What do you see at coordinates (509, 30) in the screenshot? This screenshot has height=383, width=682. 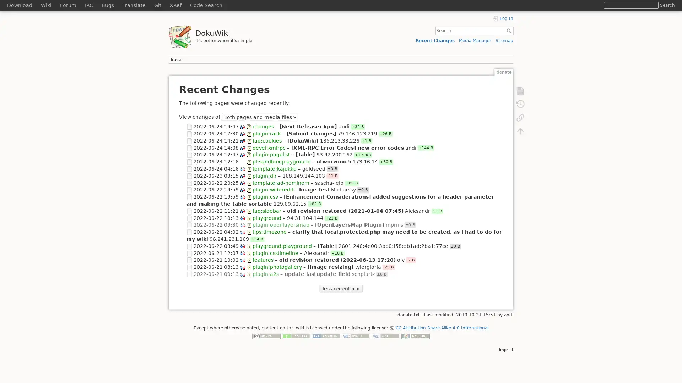 I see `Search` at bounding box center [509, 30].